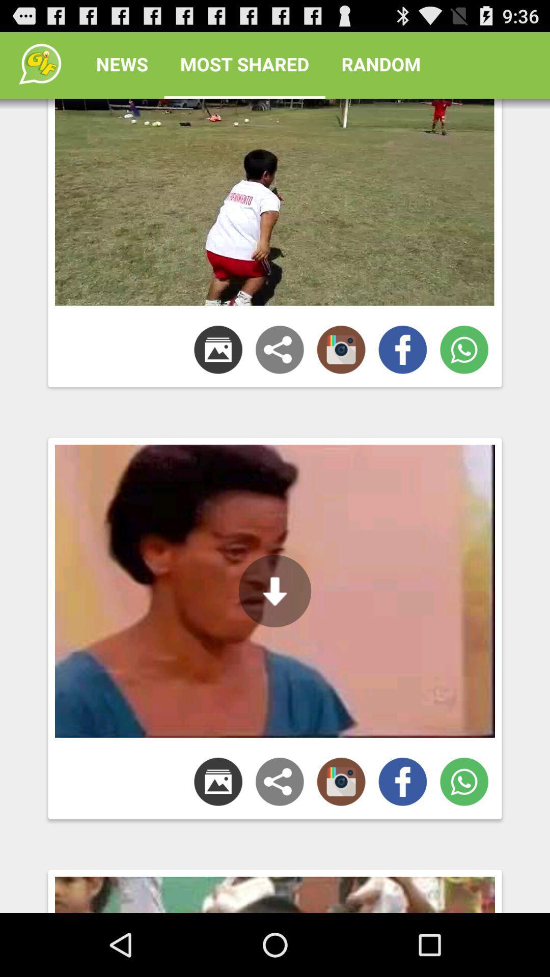 The width and height of the screenshot is (550, 977). What do you see at coordinates (280, 781) in the screenshot?
I see `the button which is left side of the instagram` at bounding box center [280, 781].